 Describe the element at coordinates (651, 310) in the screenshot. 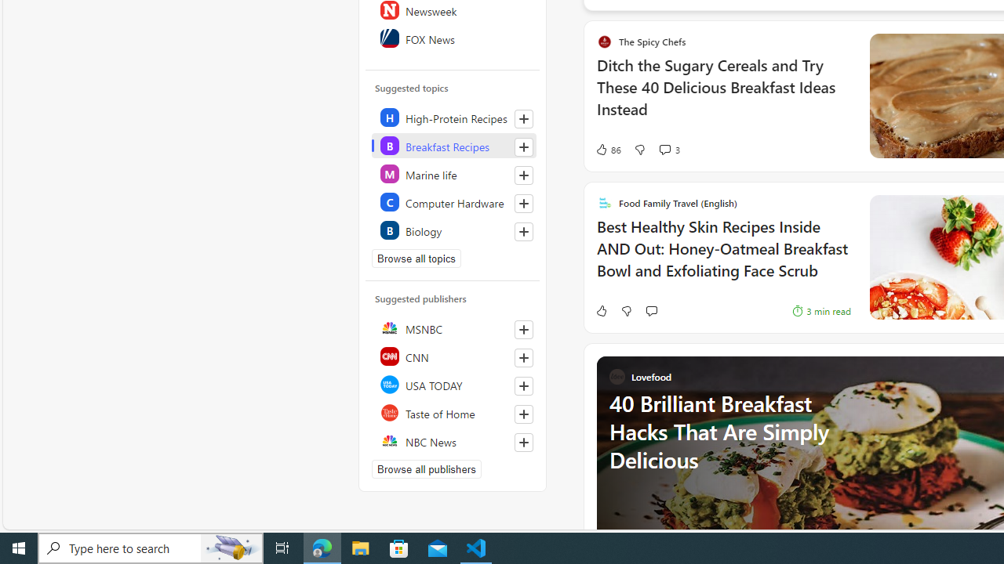

I see `'Start the conversation'` at that location.